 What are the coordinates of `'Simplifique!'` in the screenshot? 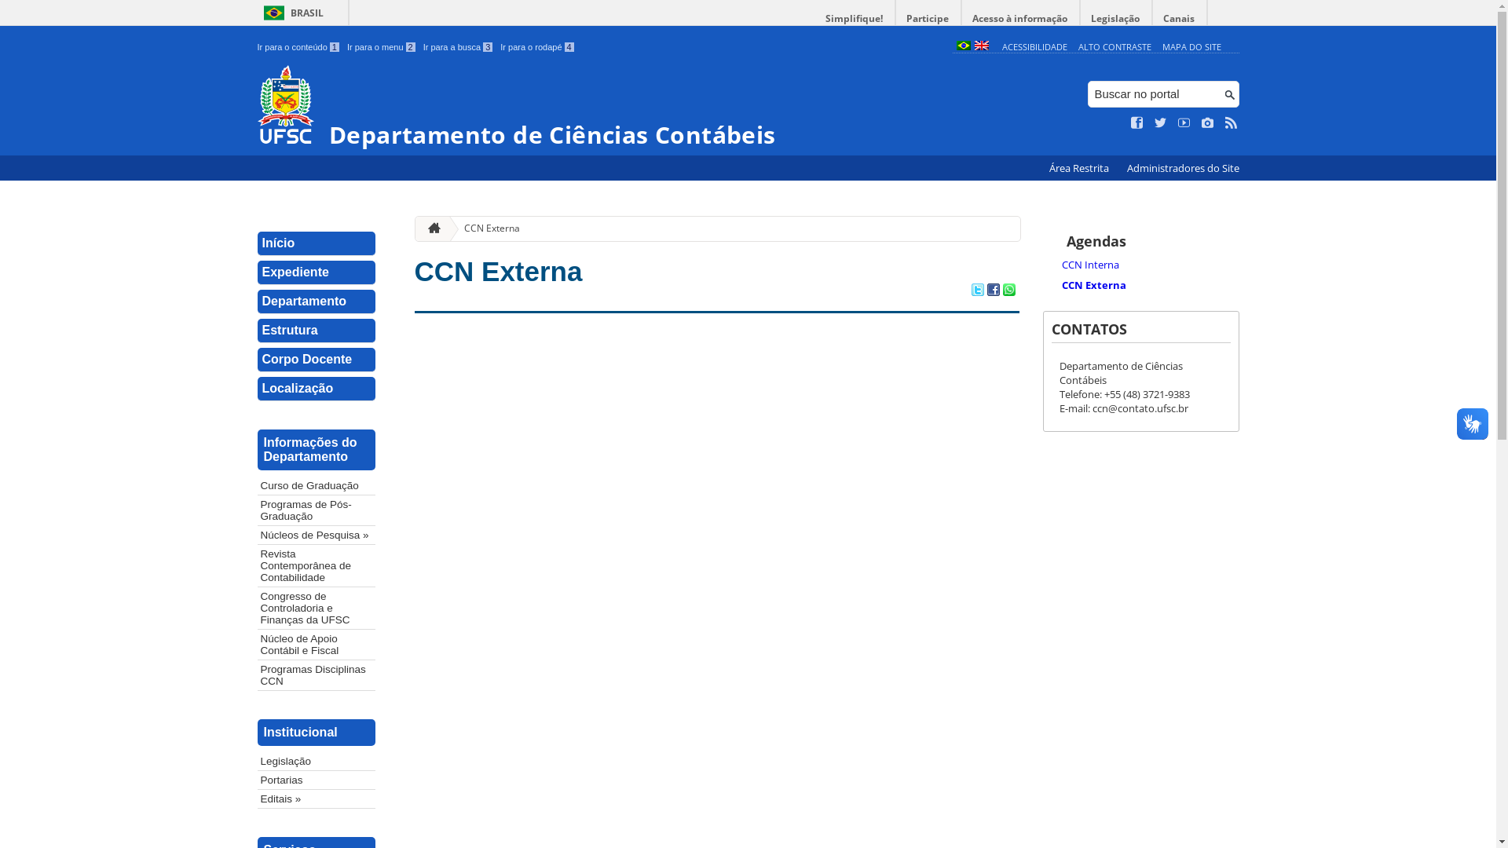 It's located at (854, 18).